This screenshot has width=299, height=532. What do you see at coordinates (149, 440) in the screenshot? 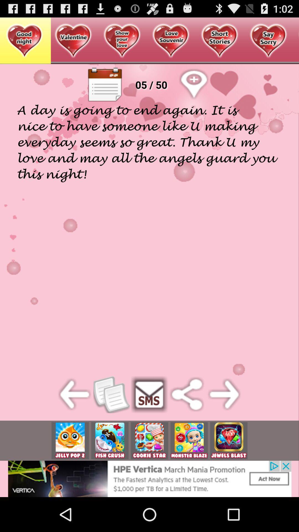
I see `advertisement banner` at bounding box center [149, 440].